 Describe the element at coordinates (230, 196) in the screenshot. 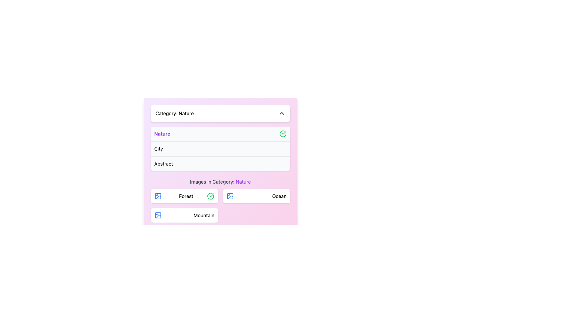

I see `the small blue icon resembling a picture outline, located to the left of the 'Ocean' label` at that location.